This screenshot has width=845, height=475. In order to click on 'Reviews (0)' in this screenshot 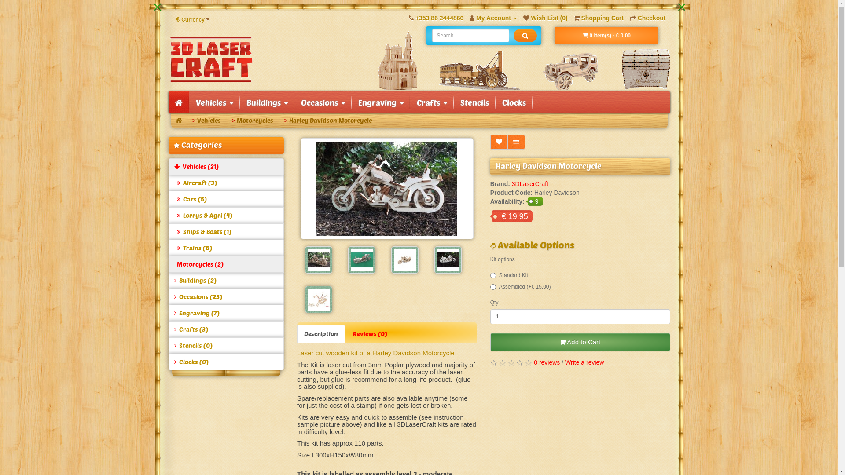, I will do `click(370, 334)`.